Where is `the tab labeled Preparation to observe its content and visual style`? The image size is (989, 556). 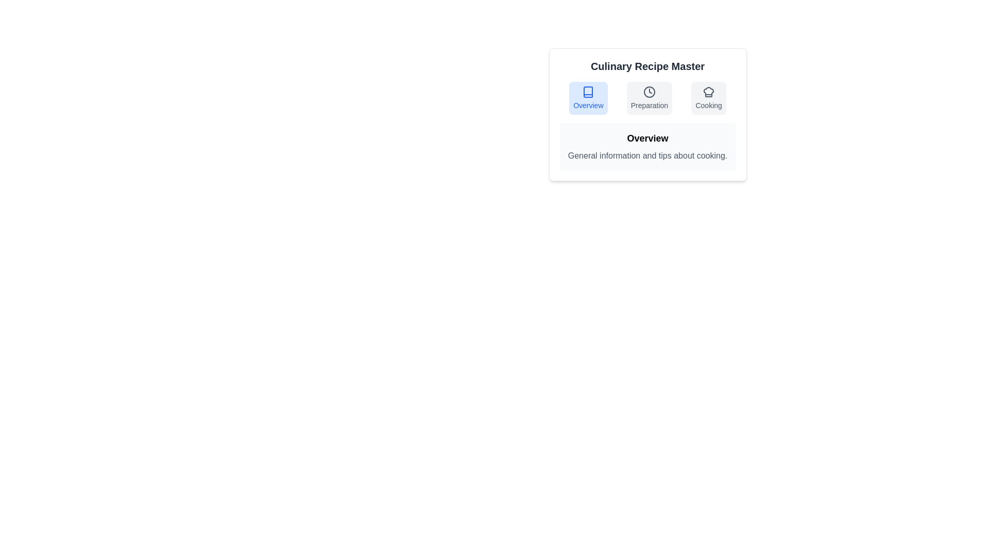 the tab labeled Preparation to observe its content and visual style is located at coordinates (648, 98).